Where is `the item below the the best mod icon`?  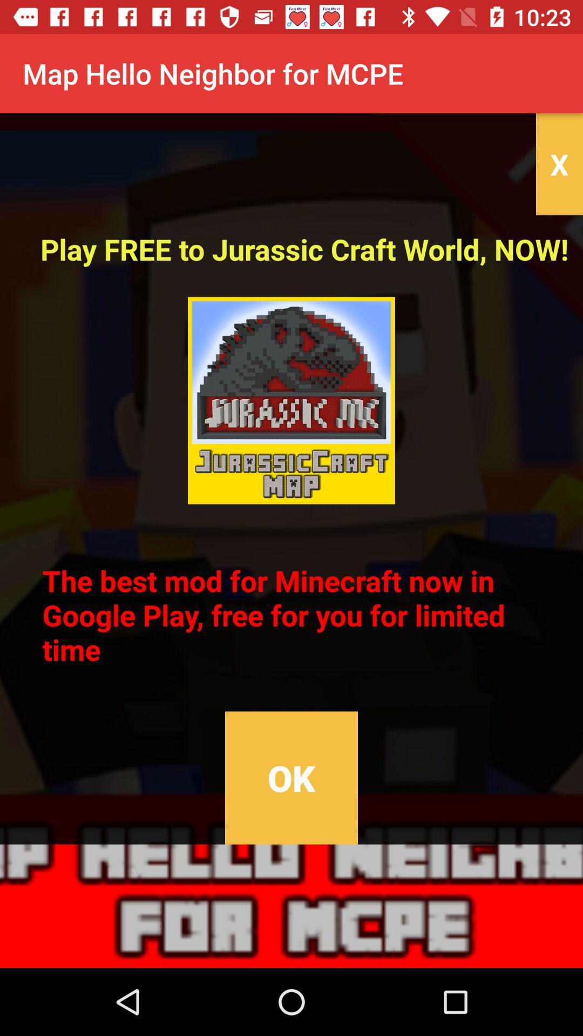
the item below the the best mod icon is located at coordinates (291, 778).